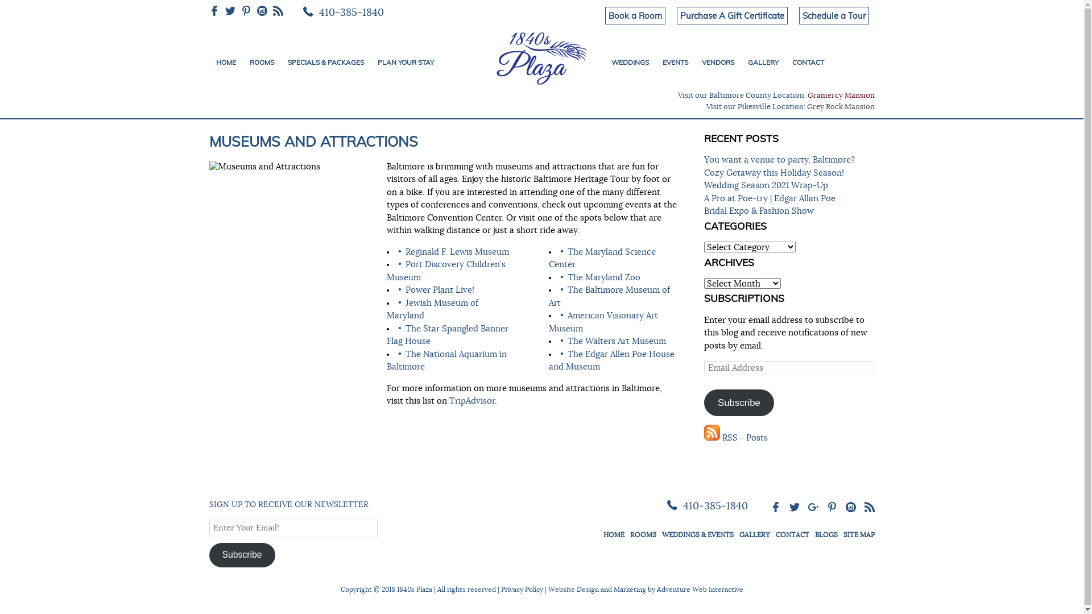 The height and width of the screenshot is (614, 1092). What do you see at coordinates (833, 15) in the screenshot?
I see `'Schedule a Tour'` at bounding box center [833, 15].